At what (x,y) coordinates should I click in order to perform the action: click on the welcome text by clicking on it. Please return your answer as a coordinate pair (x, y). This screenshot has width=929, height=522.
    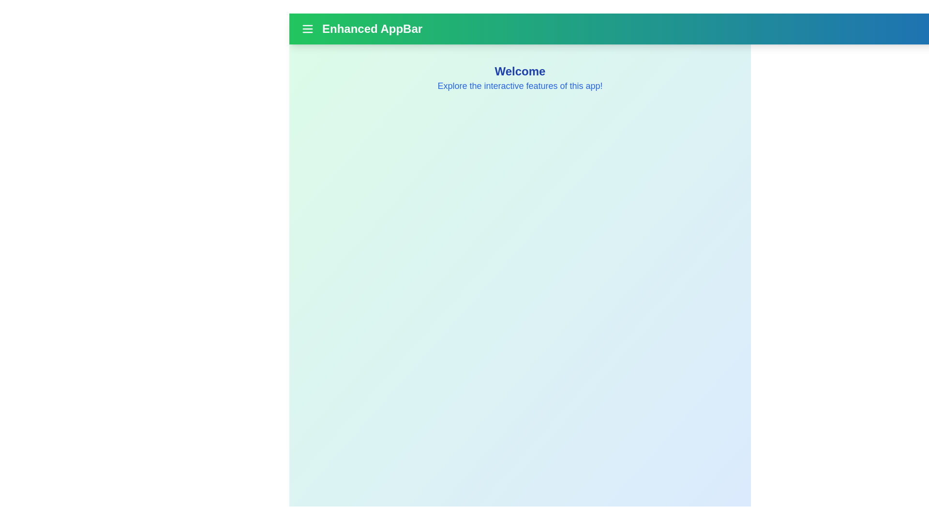
    Looking at the image, I should click on (520, 71).